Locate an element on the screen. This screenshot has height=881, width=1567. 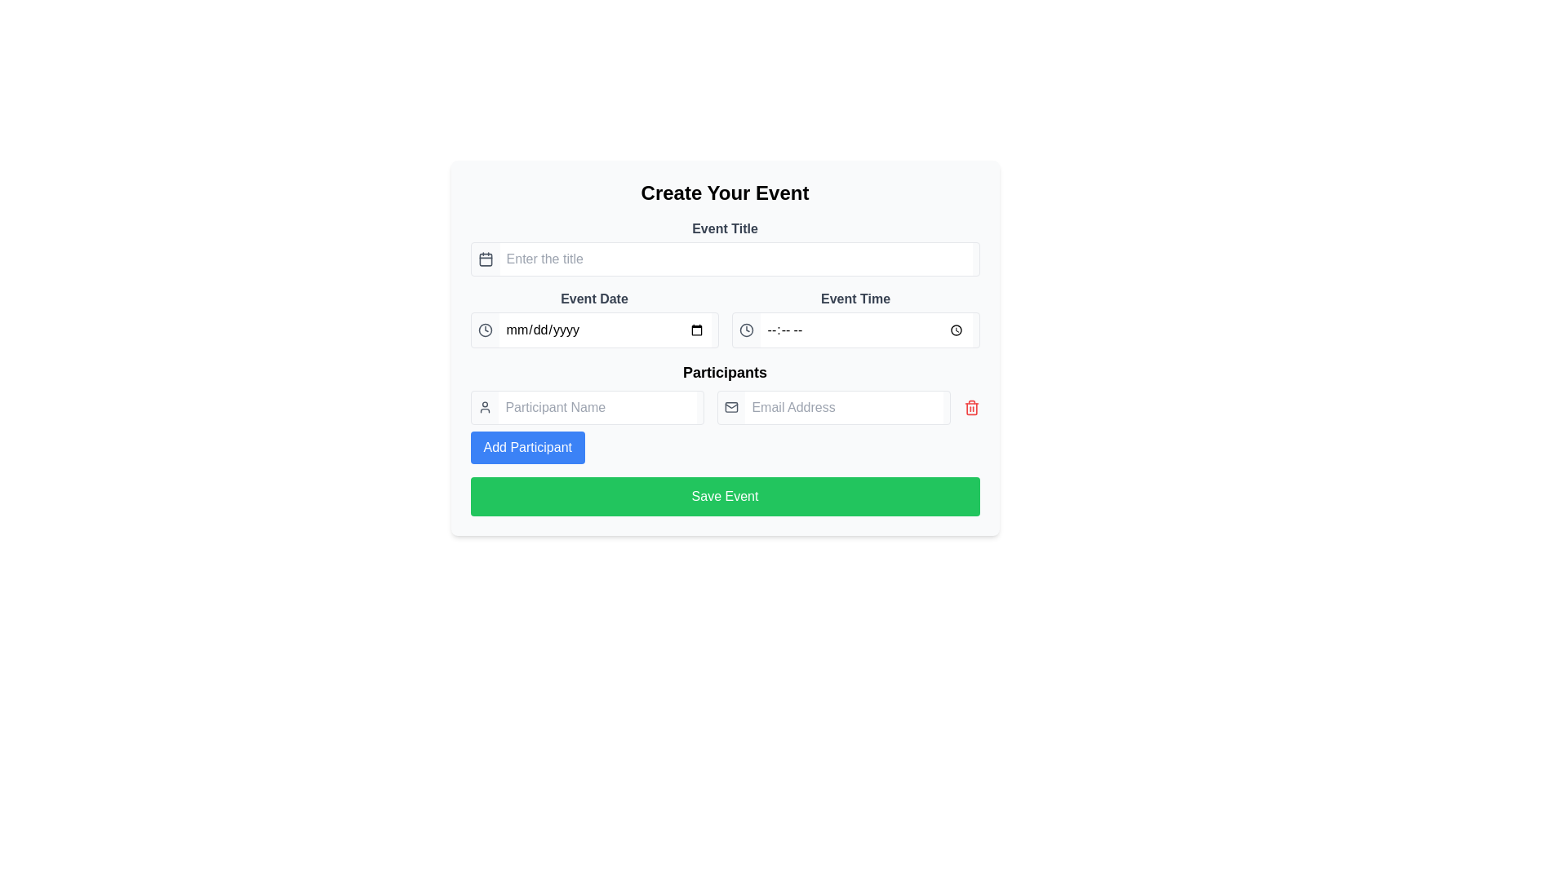
the trash can icon, which is a vertical rectangular shape with rounded corners, located centrally in the Participants section, adjacent to the email address input field is located at coordinates (971, 408).